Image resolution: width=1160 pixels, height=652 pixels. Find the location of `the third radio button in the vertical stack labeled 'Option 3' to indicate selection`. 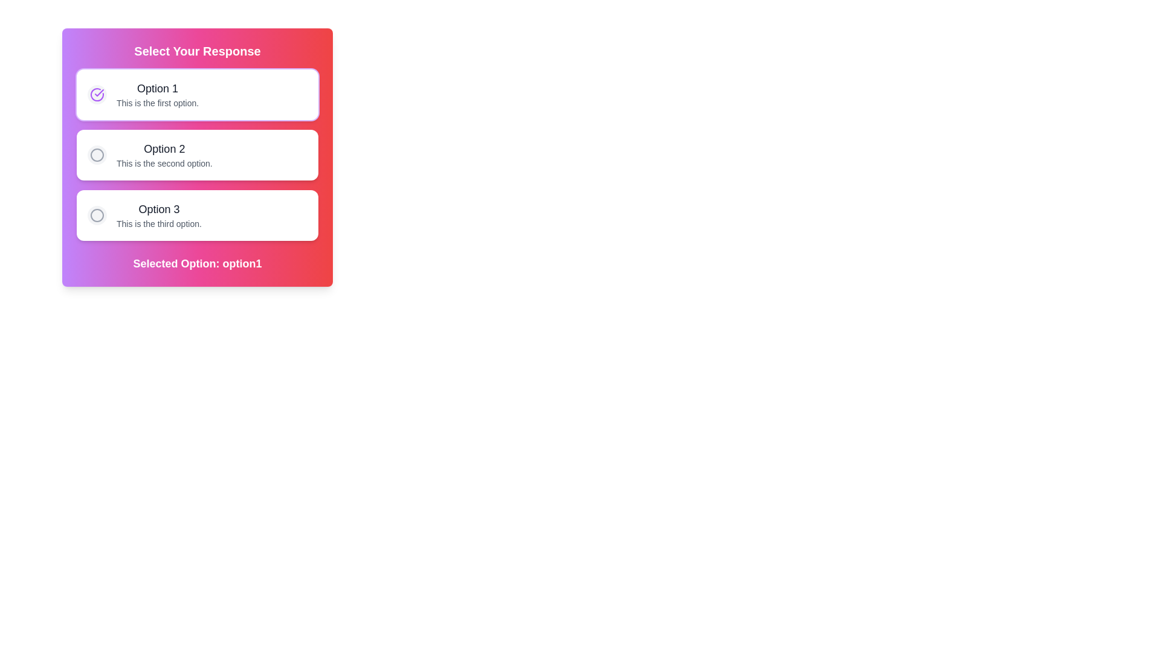

the third radio button in the vertical stack labeled 'Option 3' to indicate selection is located at coordinates (97, 215).